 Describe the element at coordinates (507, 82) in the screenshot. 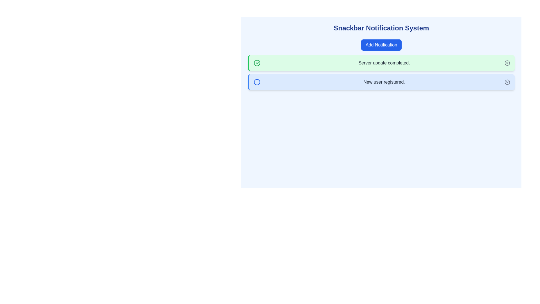

I see `the close button of the notification labeled 'New user registered.'` at that location.